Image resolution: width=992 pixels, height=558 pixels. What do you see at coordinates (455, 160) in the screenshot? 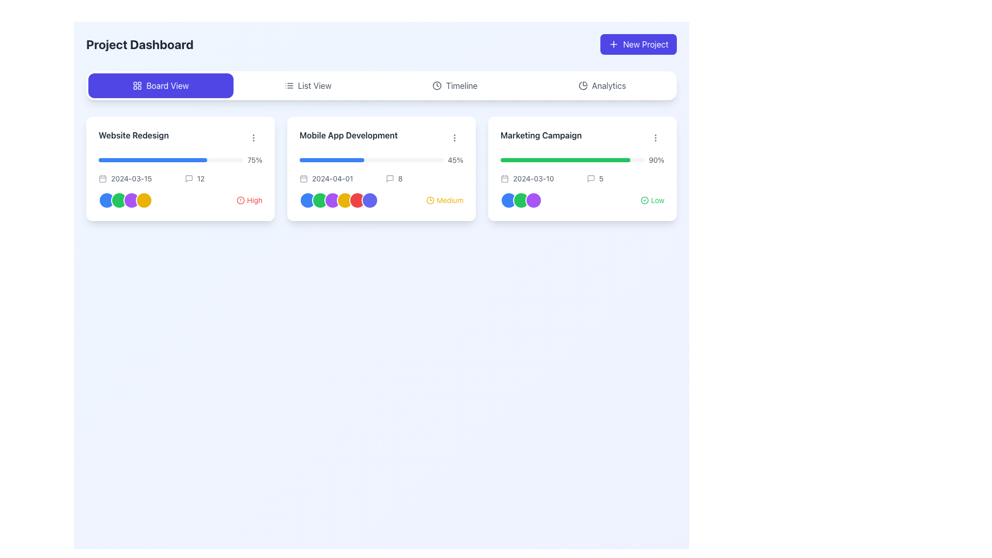
I see `the text label displaying '45%' which is located on the right side of the progress bar` at bounding box center [455, 160].